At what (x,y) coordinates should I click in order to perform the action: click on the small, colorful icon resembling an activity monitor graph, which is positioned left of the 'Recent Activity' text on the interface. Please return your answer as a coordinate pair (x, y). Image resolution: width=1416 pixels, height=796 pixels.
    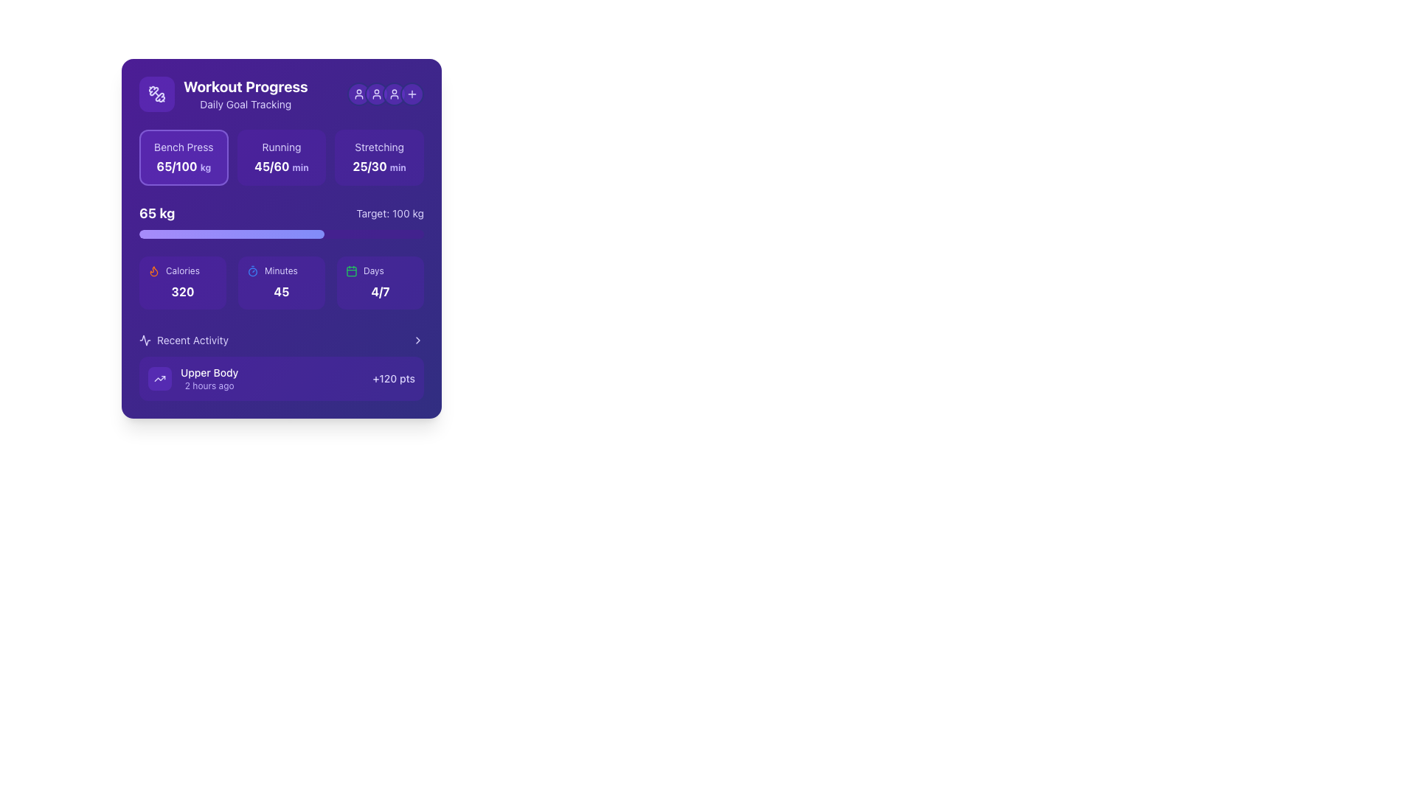
    Looking at the image, I should click on (145, 341).